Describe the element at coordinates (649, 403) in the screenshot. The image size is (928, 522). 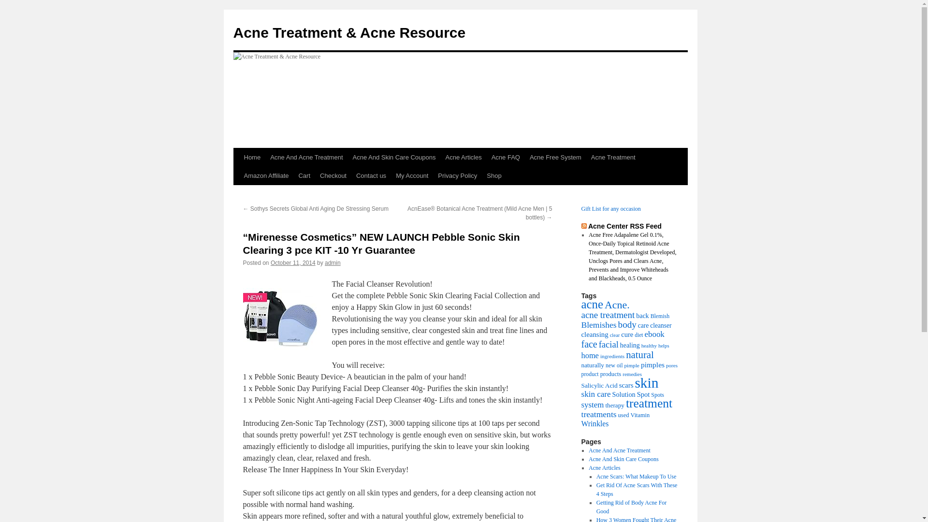
I see `'treatment'` at that location.